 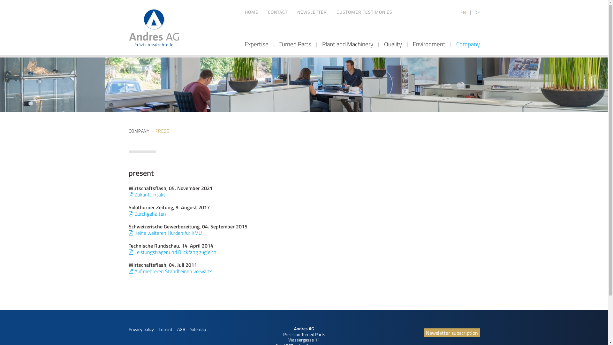 What do you see at coordinates (128, 329) in the screenshot?
I see `'Privacy policy'` at bounding box center [128, 329].